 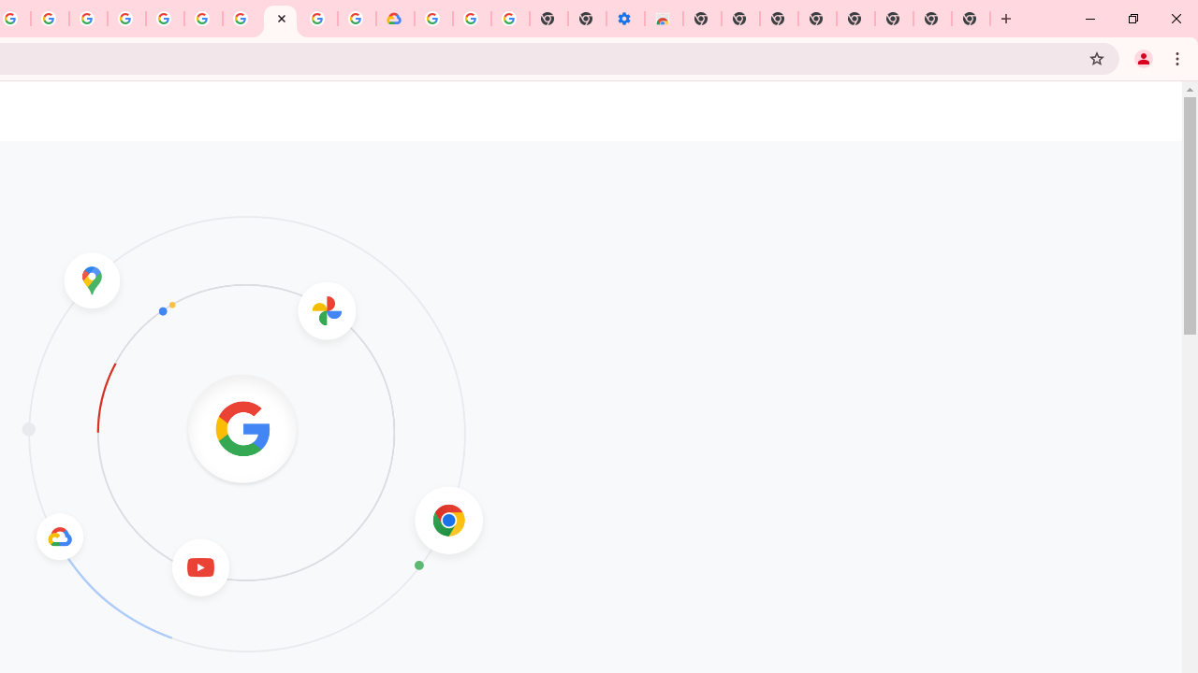 What do you see at coordinates (357, 19) in the screenshot?
I see `'Browse the Google Chrome Community - Google Chrome Community'` at bounding box center [357, 19].